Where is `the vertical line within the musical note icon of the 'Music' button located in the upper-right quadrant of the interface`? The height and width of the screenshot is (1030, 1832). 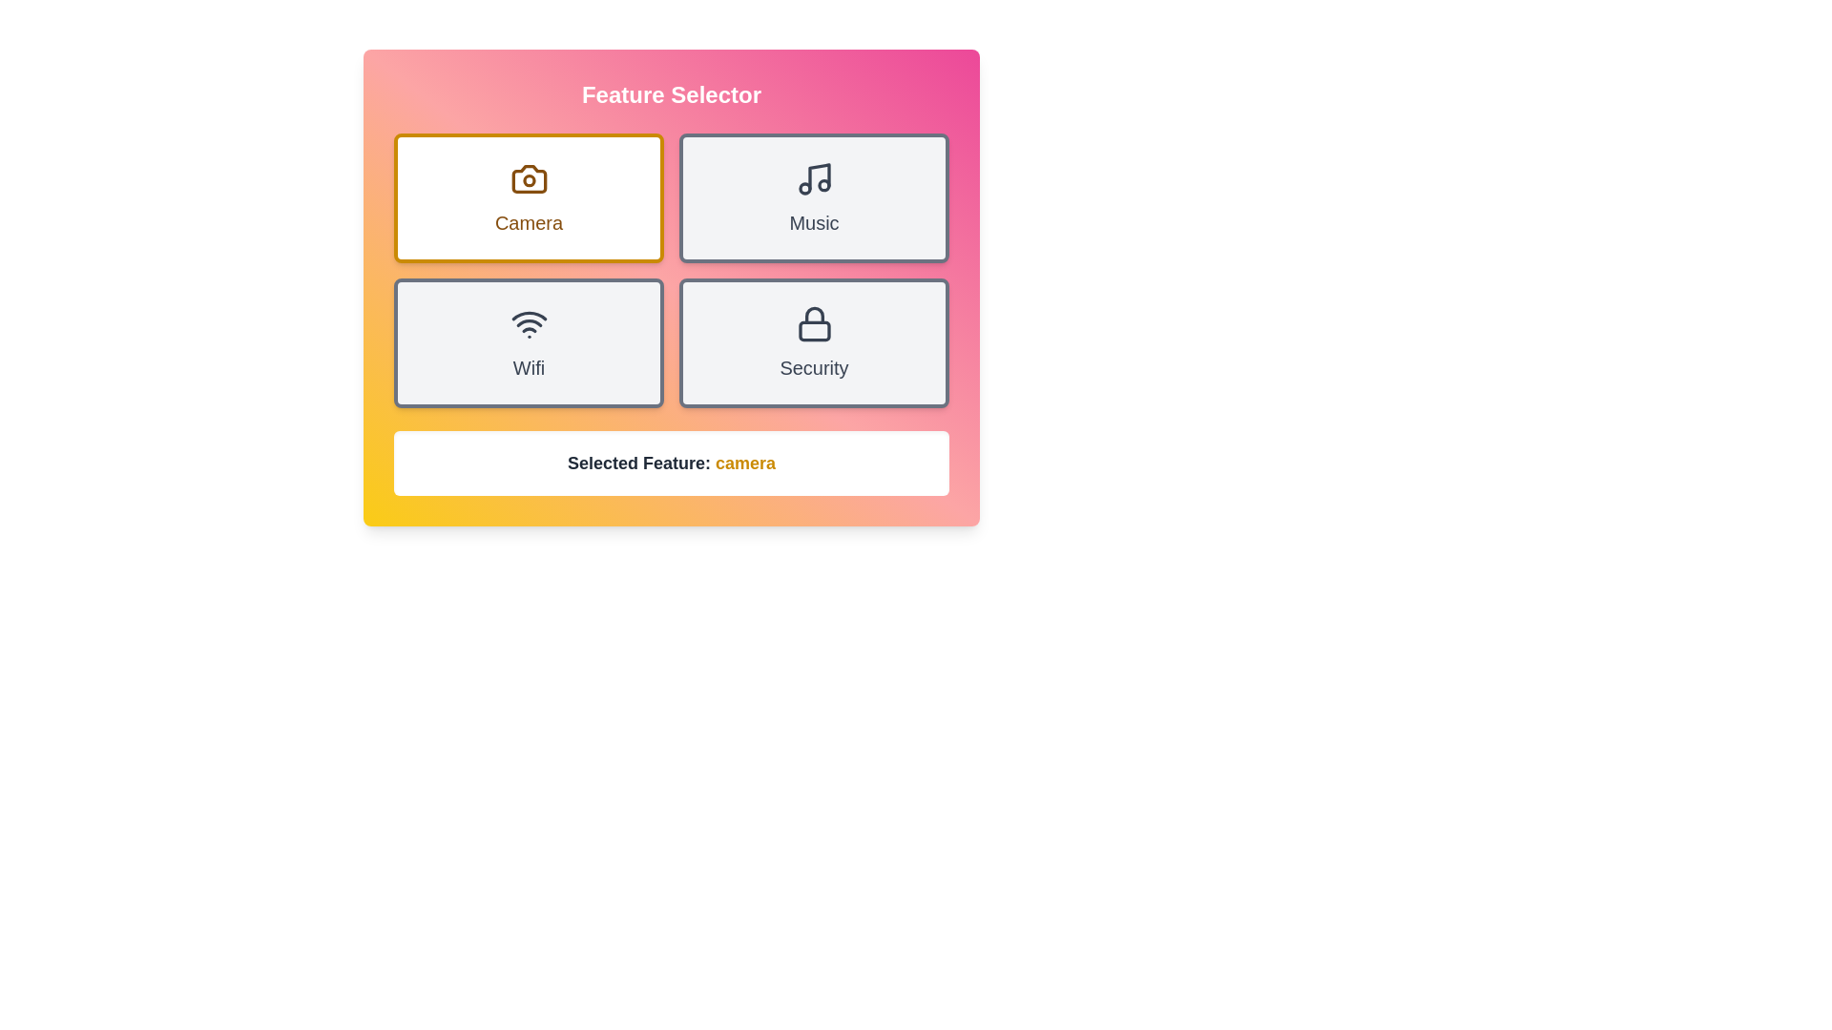 the vertical line within the musical note icon of the 'Music' button located in the upper-right quadrant of the interface is located at coordinates (819, 176).